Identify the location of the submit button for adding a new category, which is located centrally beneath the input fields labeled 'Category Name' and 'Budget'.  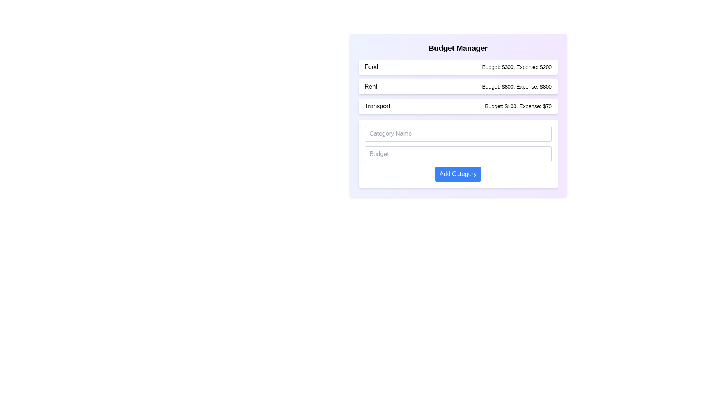
(457, 174).